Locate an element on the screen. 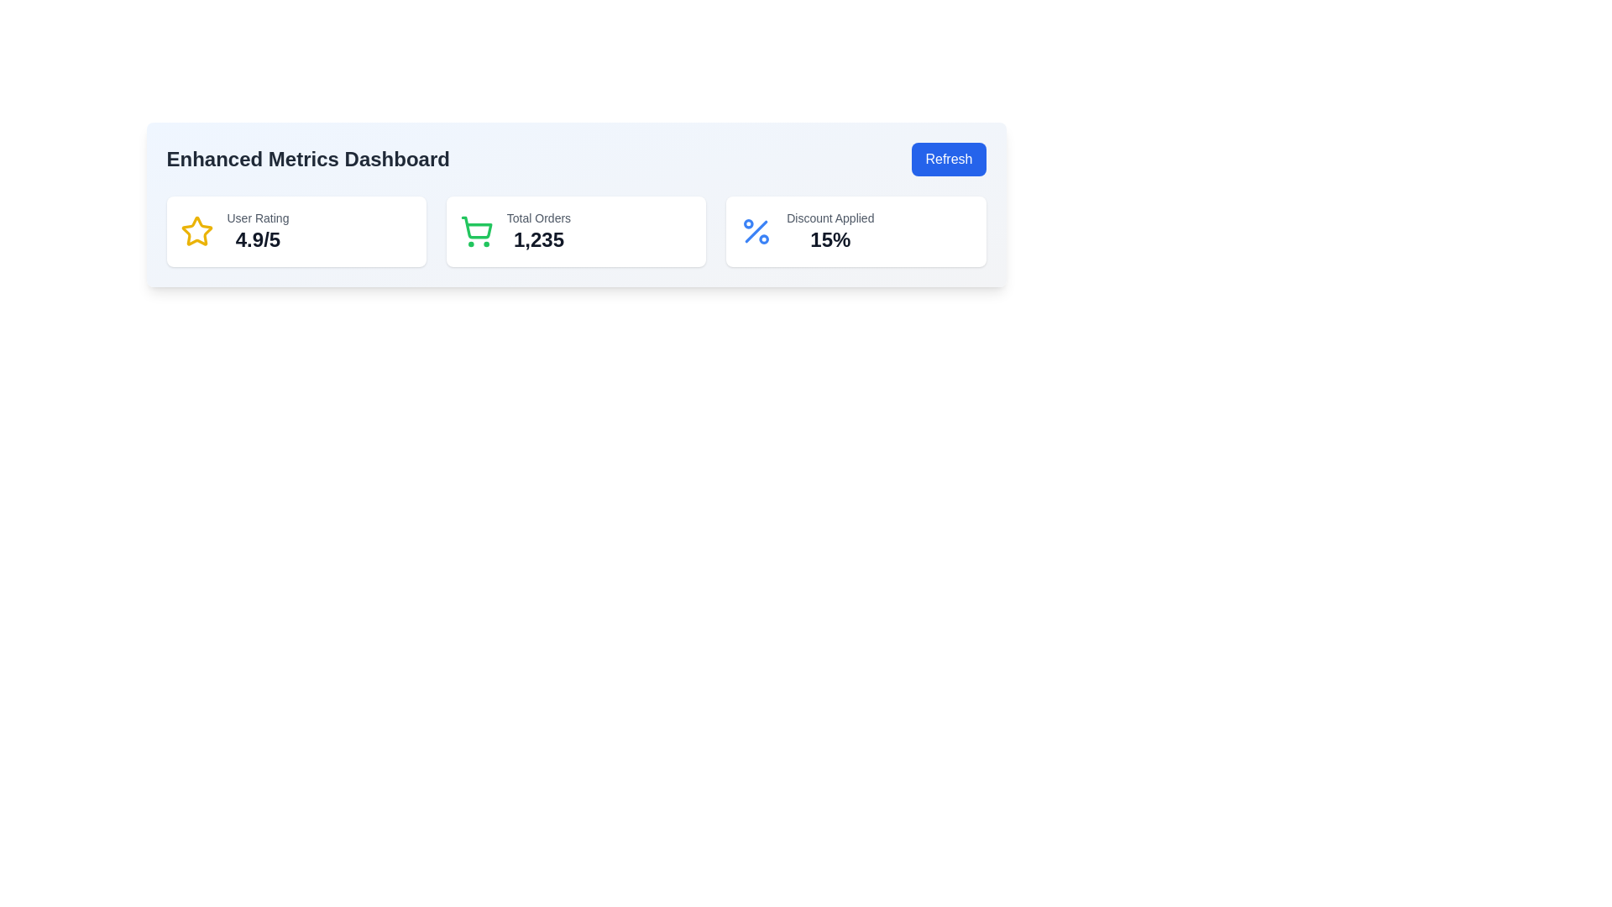 Image resolution: width=1612 pixels, height=907 pixels. the informational display card showing a 15% discount, which is located at the rightmost position of a grid layout of three blocks is located at coordinates (856, 232).